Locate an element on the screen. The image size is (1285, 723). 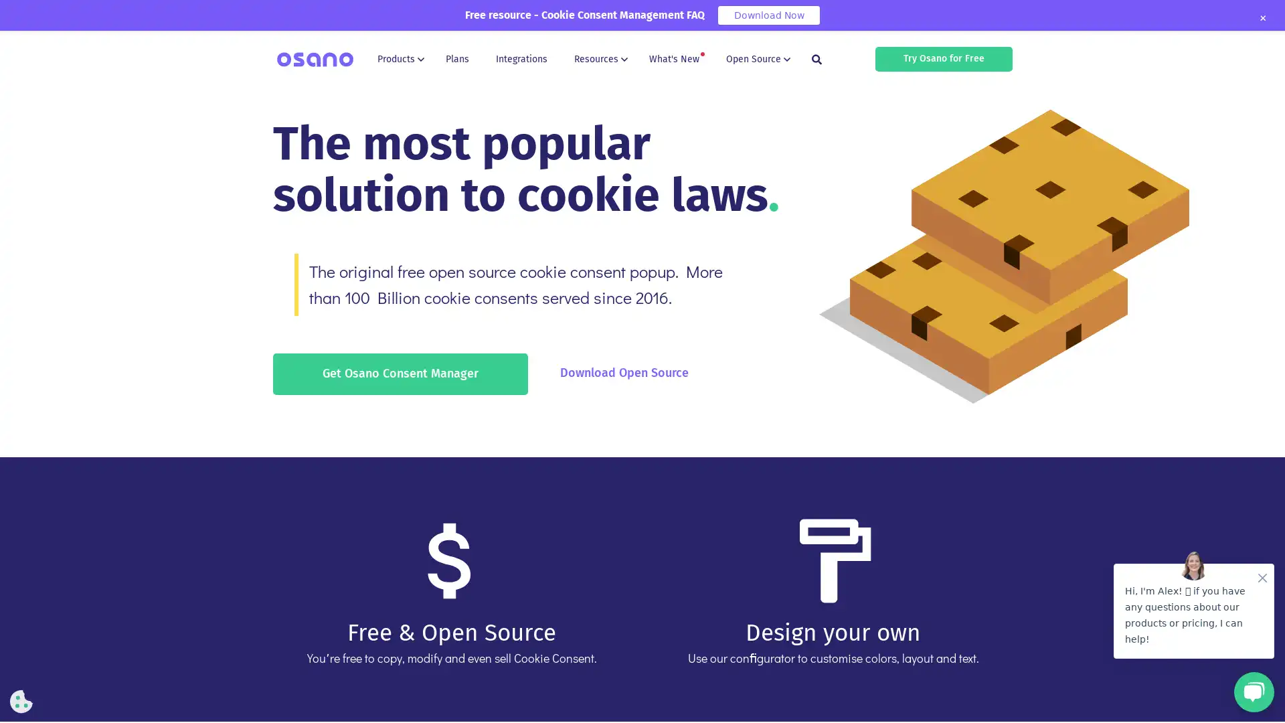
Cookie Preferences is located at coordinates (21, 701).